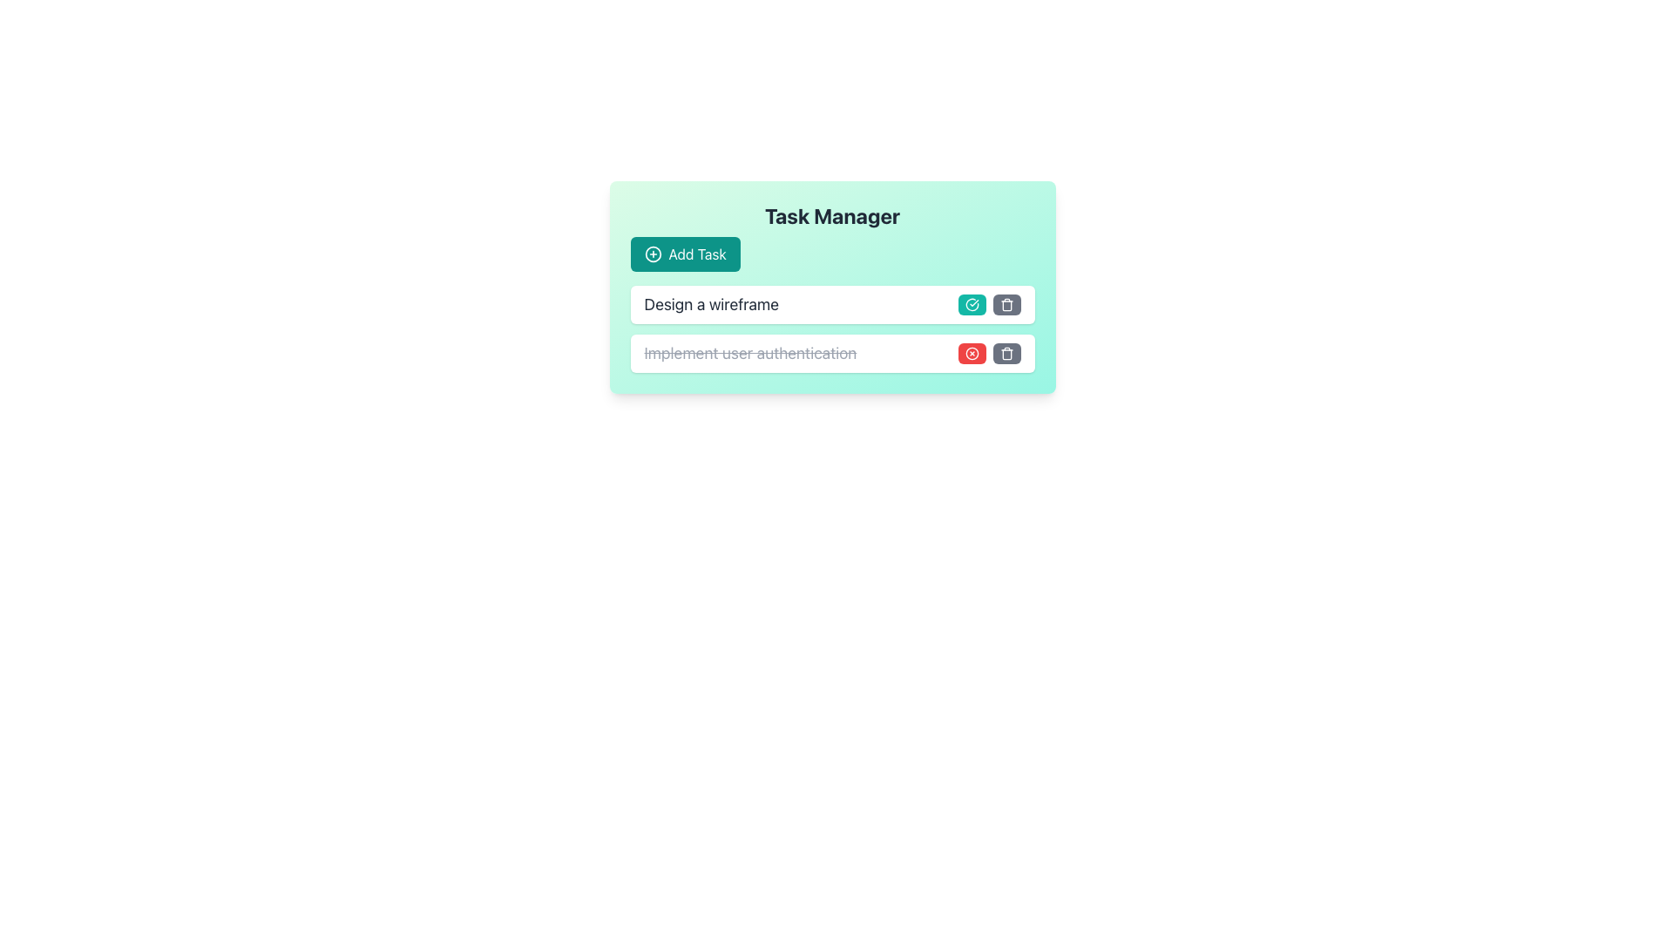 Image resolution: width=1673 pixels, height=941 pixels. What do you see at coordinates (831, 237) in the screenshot?
I see `across the 'Task Manager' heading` at bounding box center [831, 237].